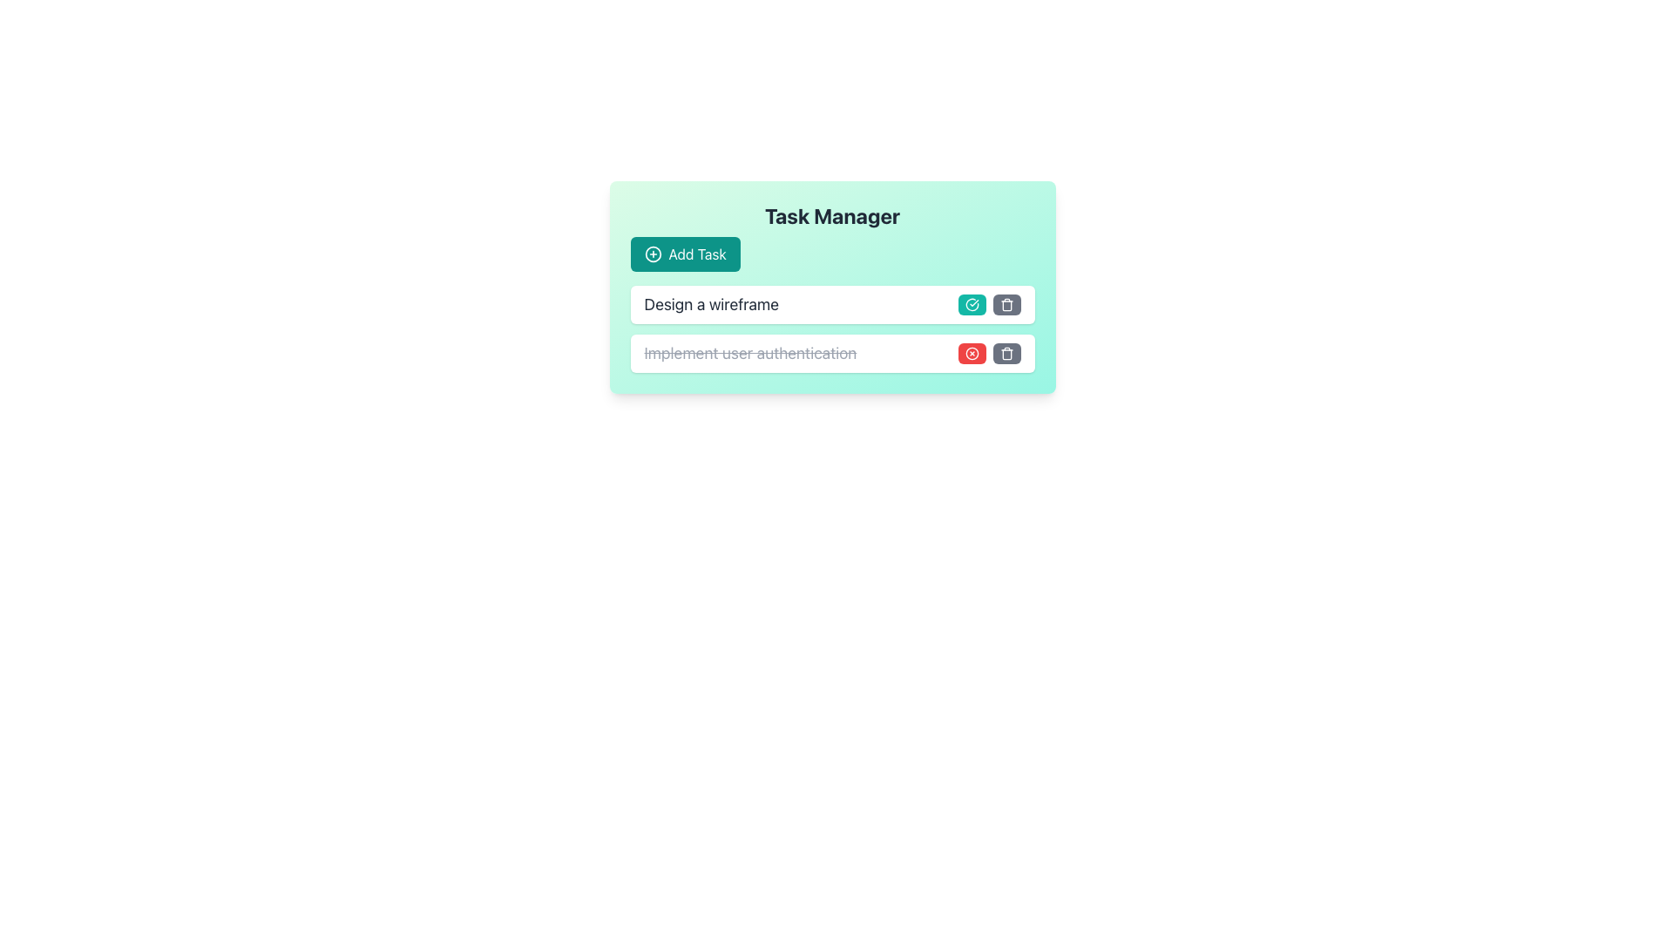 Image resolution: width=1673 pixels, height=941 pixels. What do you see at coordinates (831, 237) in the screenshot?
I see `across the 'Task Manager' heading` at bounding box center [831, 237].